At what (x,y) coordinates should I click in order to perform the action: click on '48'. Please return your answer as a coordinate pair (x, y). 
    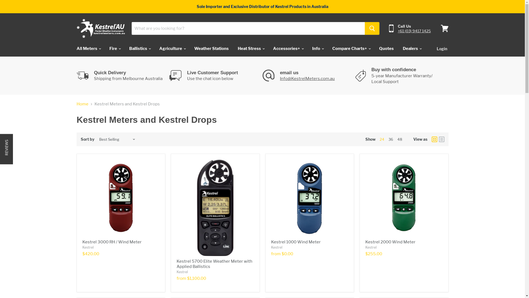
    Looking at the image, I should click on (400, 139).